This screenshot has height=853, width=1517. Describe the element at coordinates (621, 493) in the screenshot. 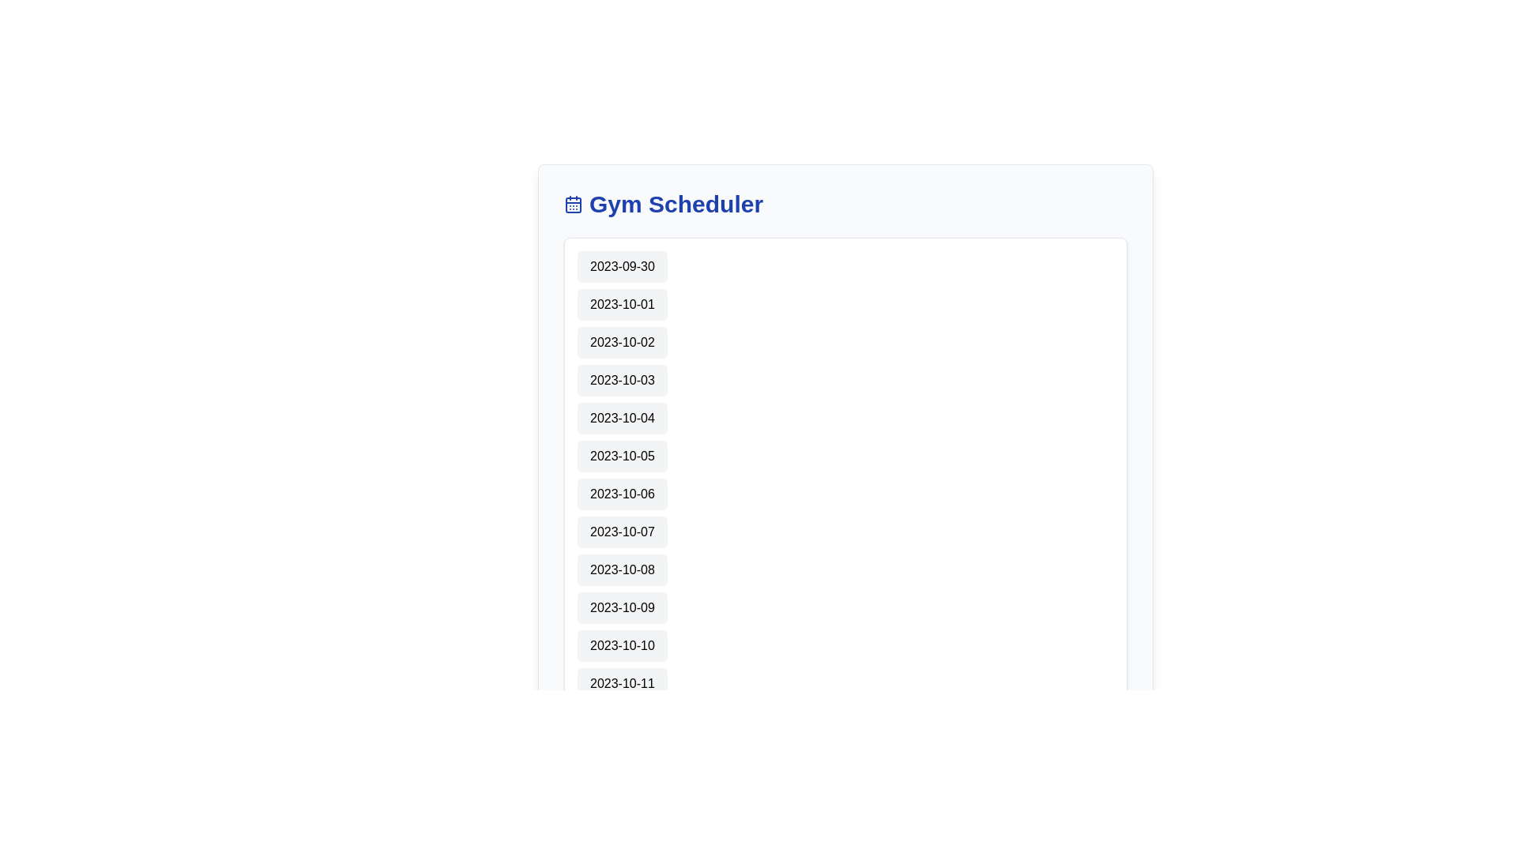

I see `the seventh date item in the scheduler application` at that location.